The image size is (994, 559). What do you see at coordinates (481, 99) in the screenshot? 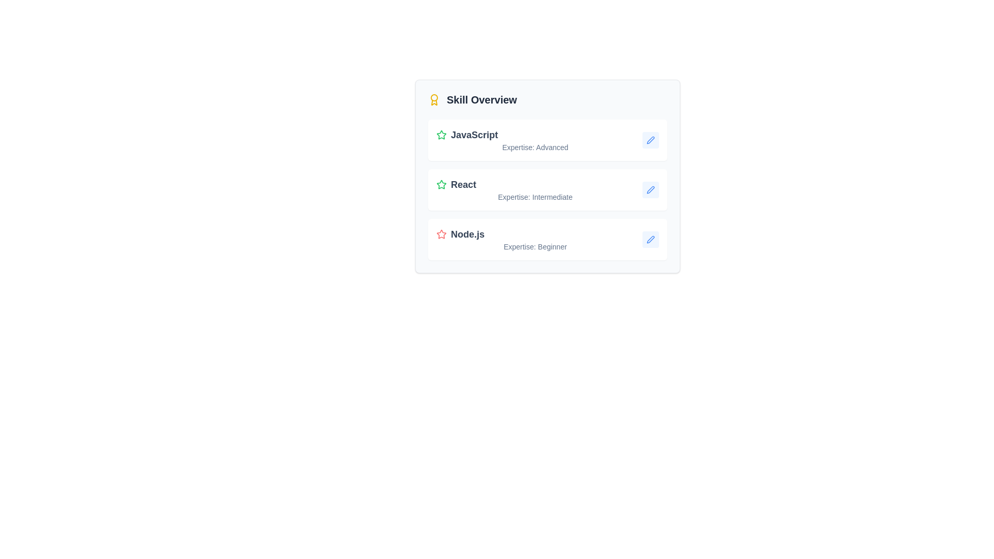
I see `the 'Skill Overview' text label, which serves as a section title positioned to the right of a yellow award icon` at bounding box center [481, 99].